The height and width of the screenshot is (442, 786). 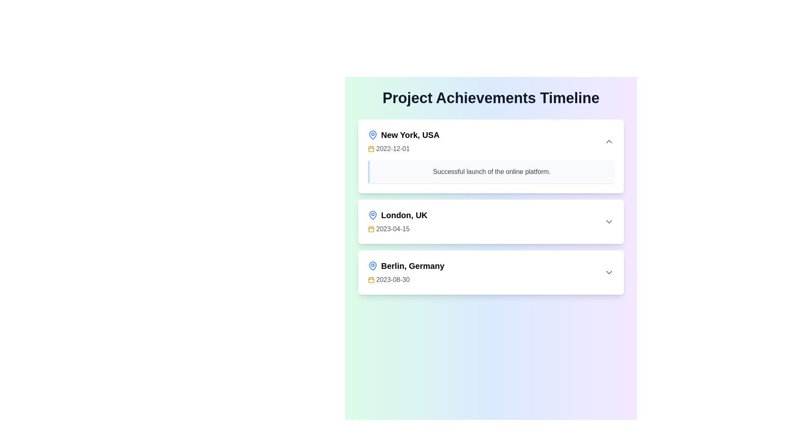 What do you see at coordinates (398, 222) in the screenshot?
I see `the text element displaying 'London, UK' and '2023-04-15'` at bounding box center [398, 222].